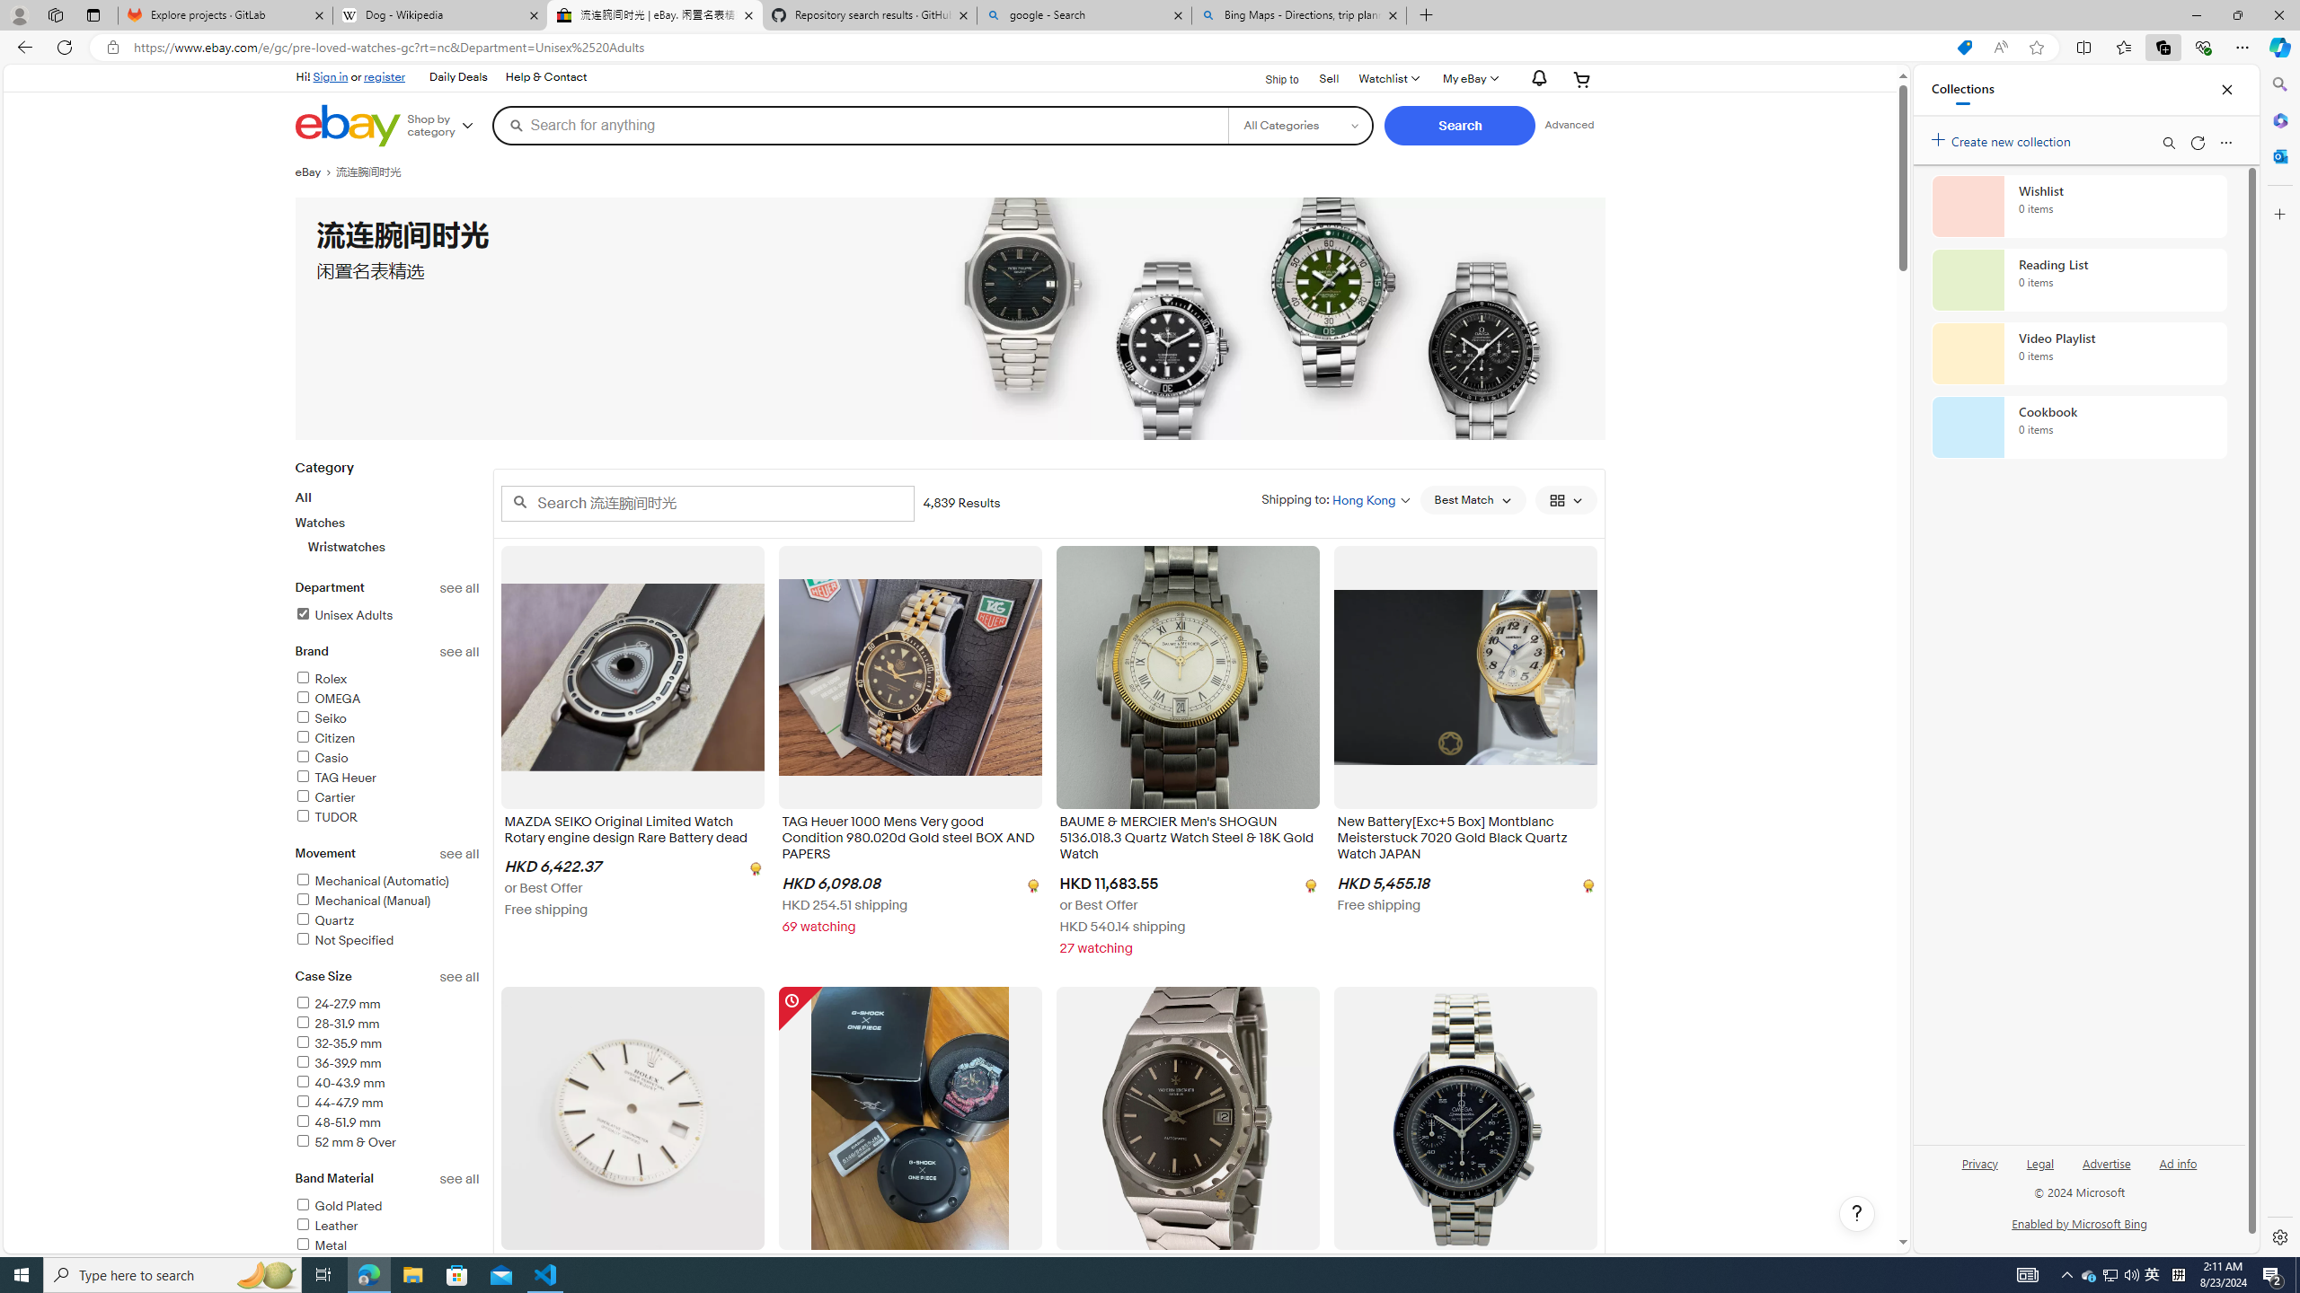 This screenshot has width=2300, height=1293. I want to click on 'Leather', so click(325, 1225).